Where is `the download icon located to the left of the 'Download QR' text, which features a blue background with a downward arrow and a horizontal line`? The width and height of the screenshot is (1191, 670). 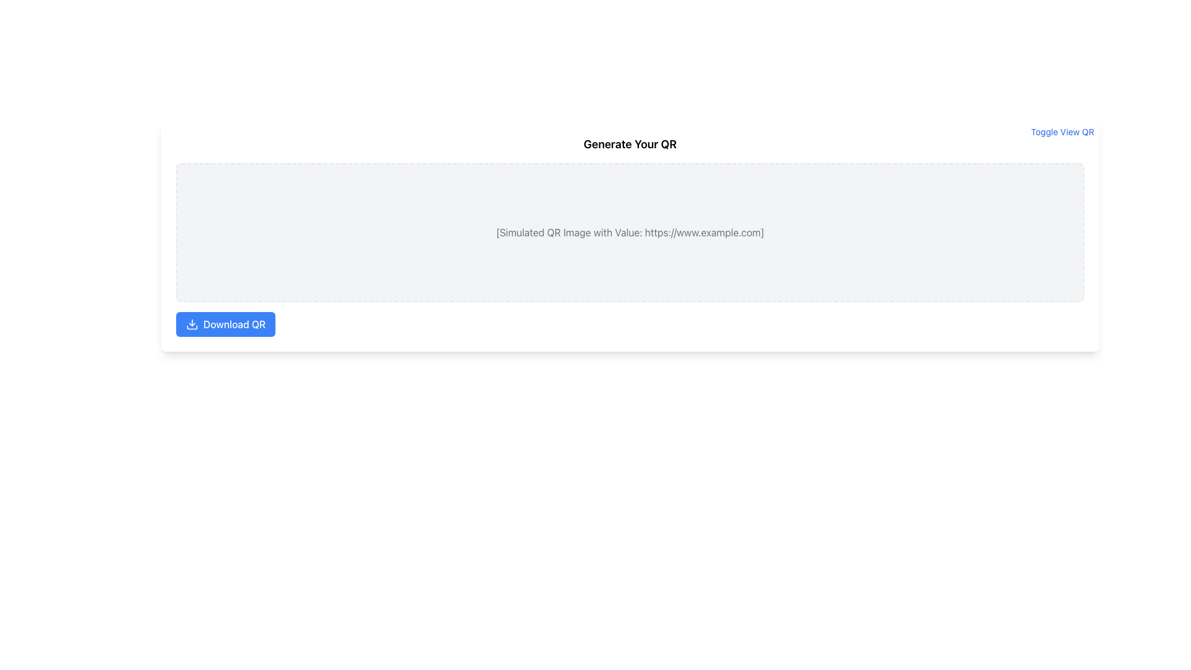
the download icon located to the left of the 'Download QR' text, which features a blue background with a downward arrow and a horizontal line is located at coordinates (192, 324).